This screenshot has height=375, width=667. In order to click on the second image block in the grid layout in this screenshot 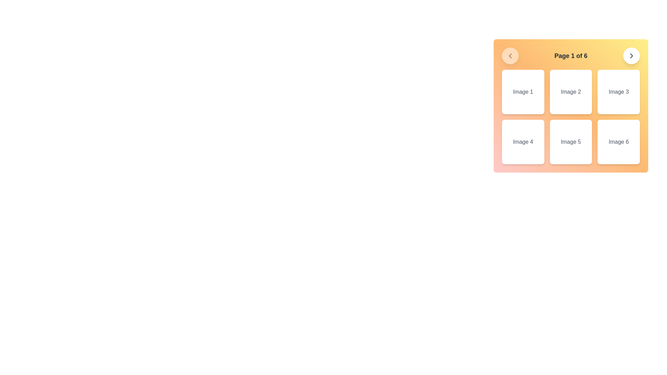, I will do `click(571, 106)`.